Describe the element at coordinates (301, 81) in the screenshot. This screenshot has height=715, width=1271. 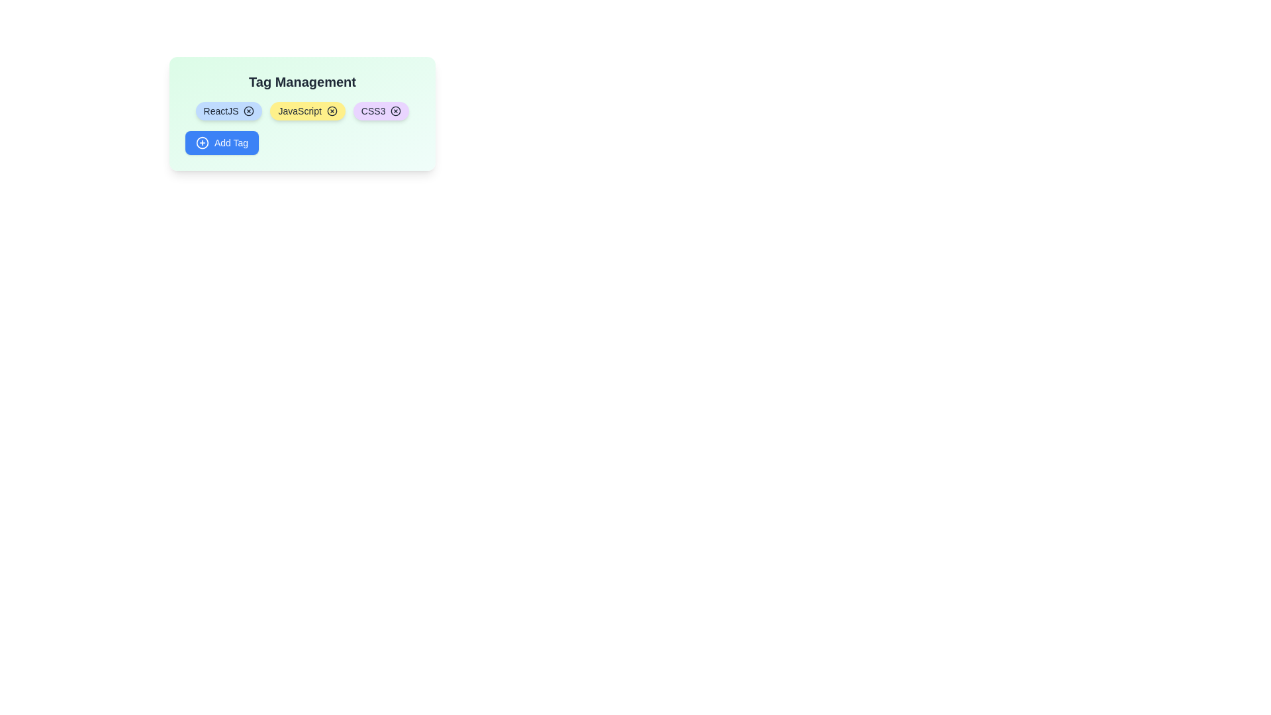
I see `the text of the header labeled 'Tag Management'` at that location.